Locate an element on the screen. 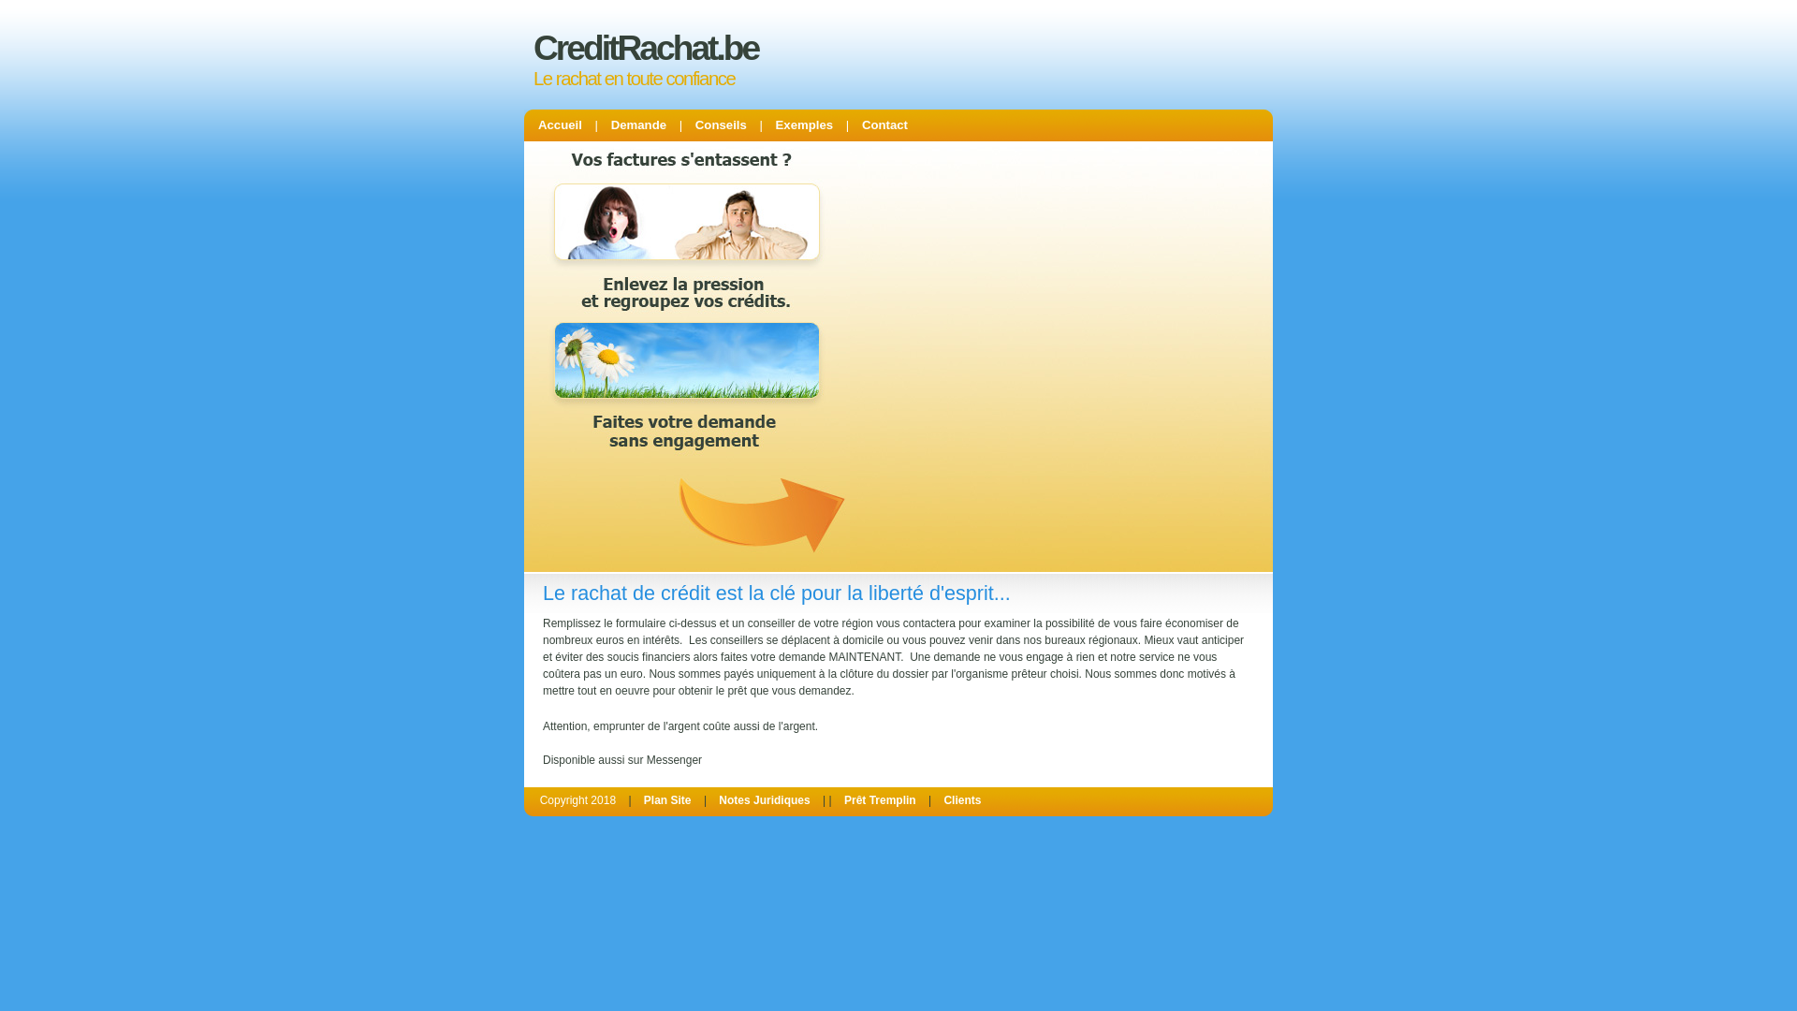 The width and height of the screenshot is (1797, 1011). 'Exemples' is located at coordinates (767, 125).